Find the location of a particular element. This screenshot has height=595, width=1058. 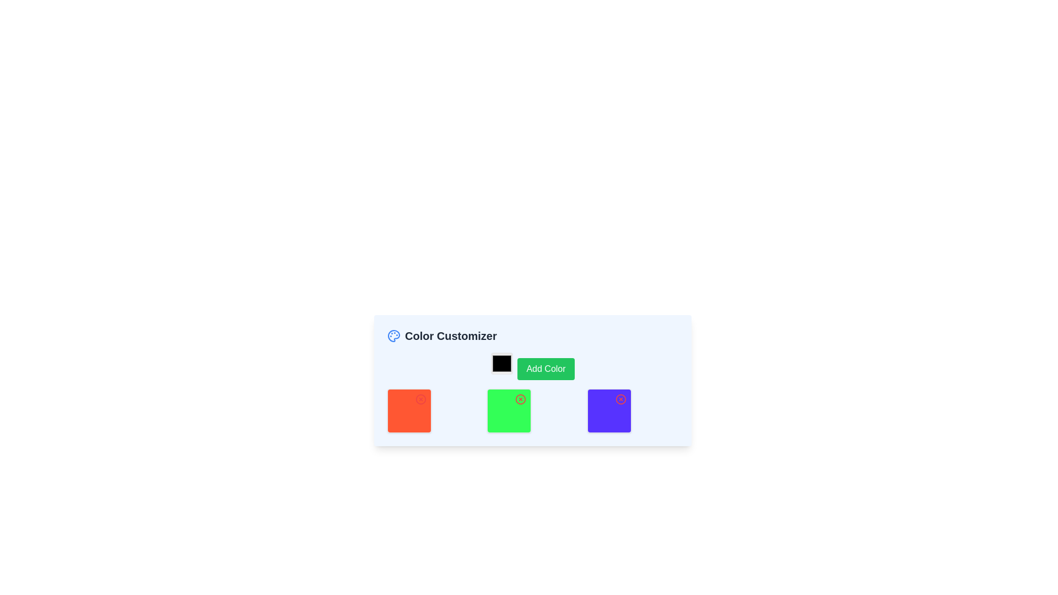

the Color block located in the 'Color Customizer' section is located at coordinates (532, 410).